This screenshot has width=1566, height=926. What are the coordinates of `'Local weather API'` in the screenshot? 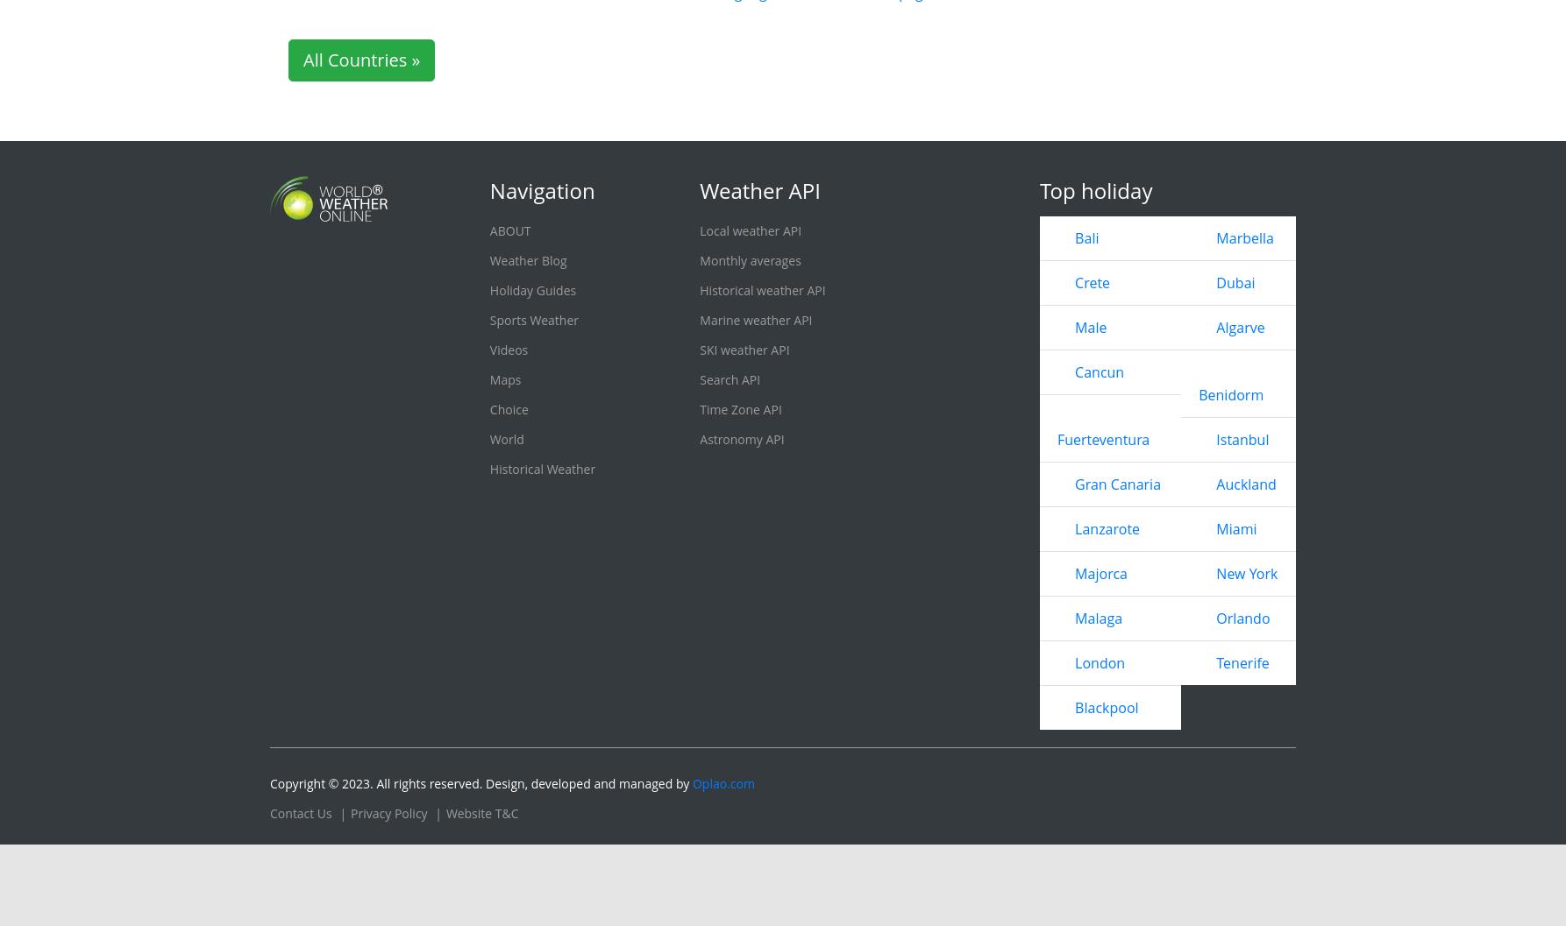 It's located at (750, 489).